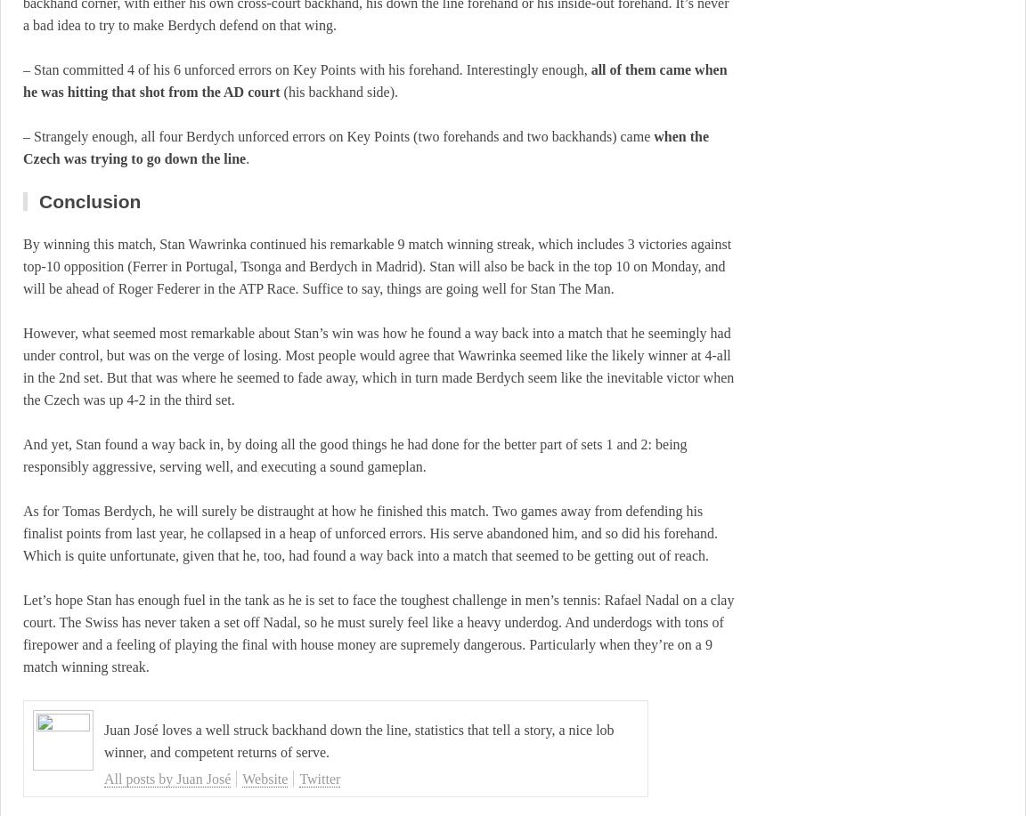 The height and width of the screenshot is (816, 1026). Describe the element at coordinates (377, 633) in the screenshot. I see `'Let’s hope Stan has enough fuel in the tank as he is set to face the toughest challenge in men’s tennis: Rafael Nadal on a clay court. The Swiss has never taken a set off Nadal, so he must surely feel like a heavy underdog. And underdogs with tons of firepower and a feeling of playing the final with house money are supremely dangerous. Particularly when they’re on a 9 match winning streak.'` at that location.